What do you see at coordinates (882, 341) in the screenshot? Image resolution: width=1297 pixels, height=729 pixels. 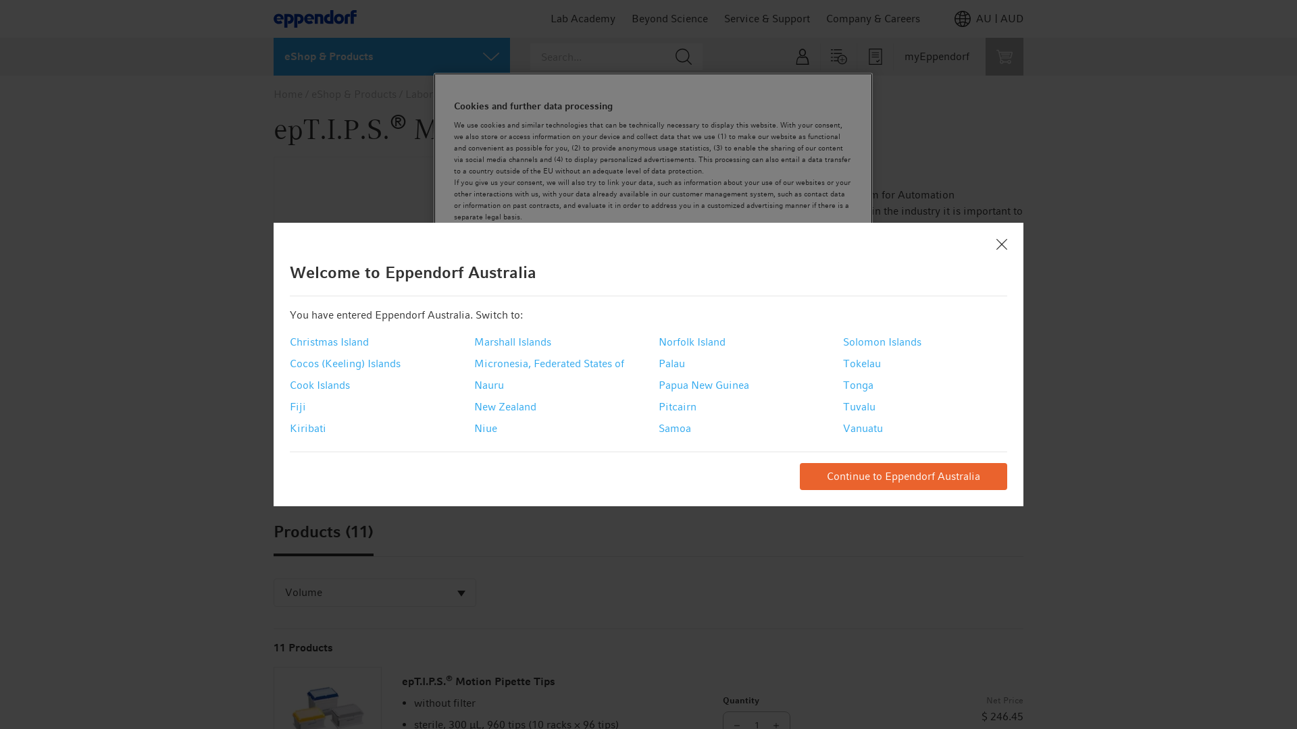 I see `'Solomon Islands'` at bounding box center [882, 341].